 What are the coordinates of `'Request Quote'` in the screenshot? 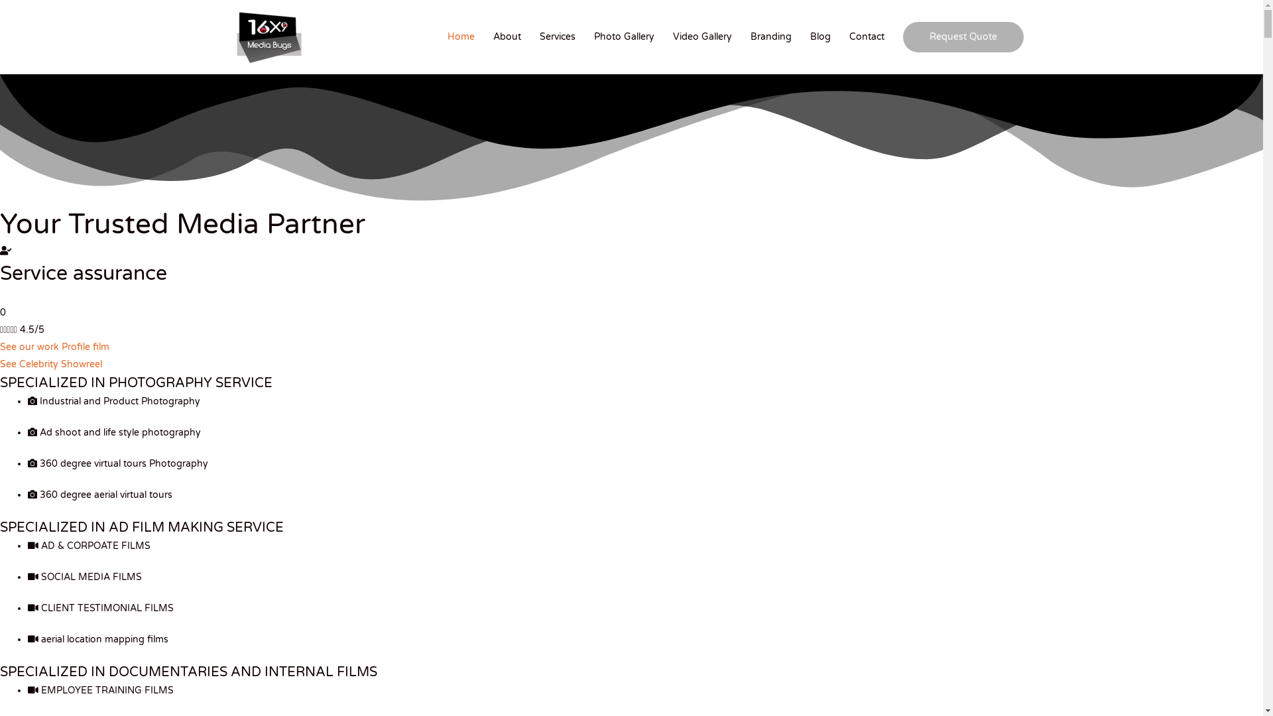 It's located at (963, 36).